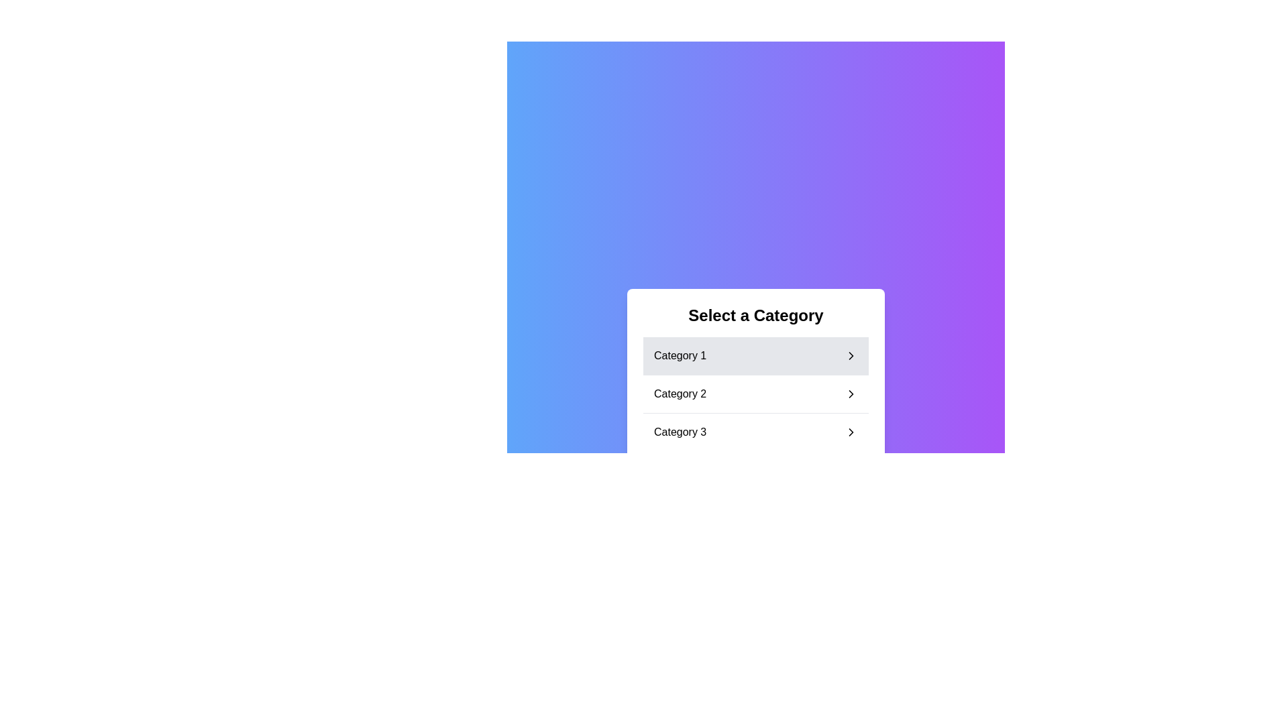 The height and width of the screenshot is (724, 1288). I want to click on the small rightward-pointing chevron icon located to the far right of the 'Category 3' text, so click(850, 432).